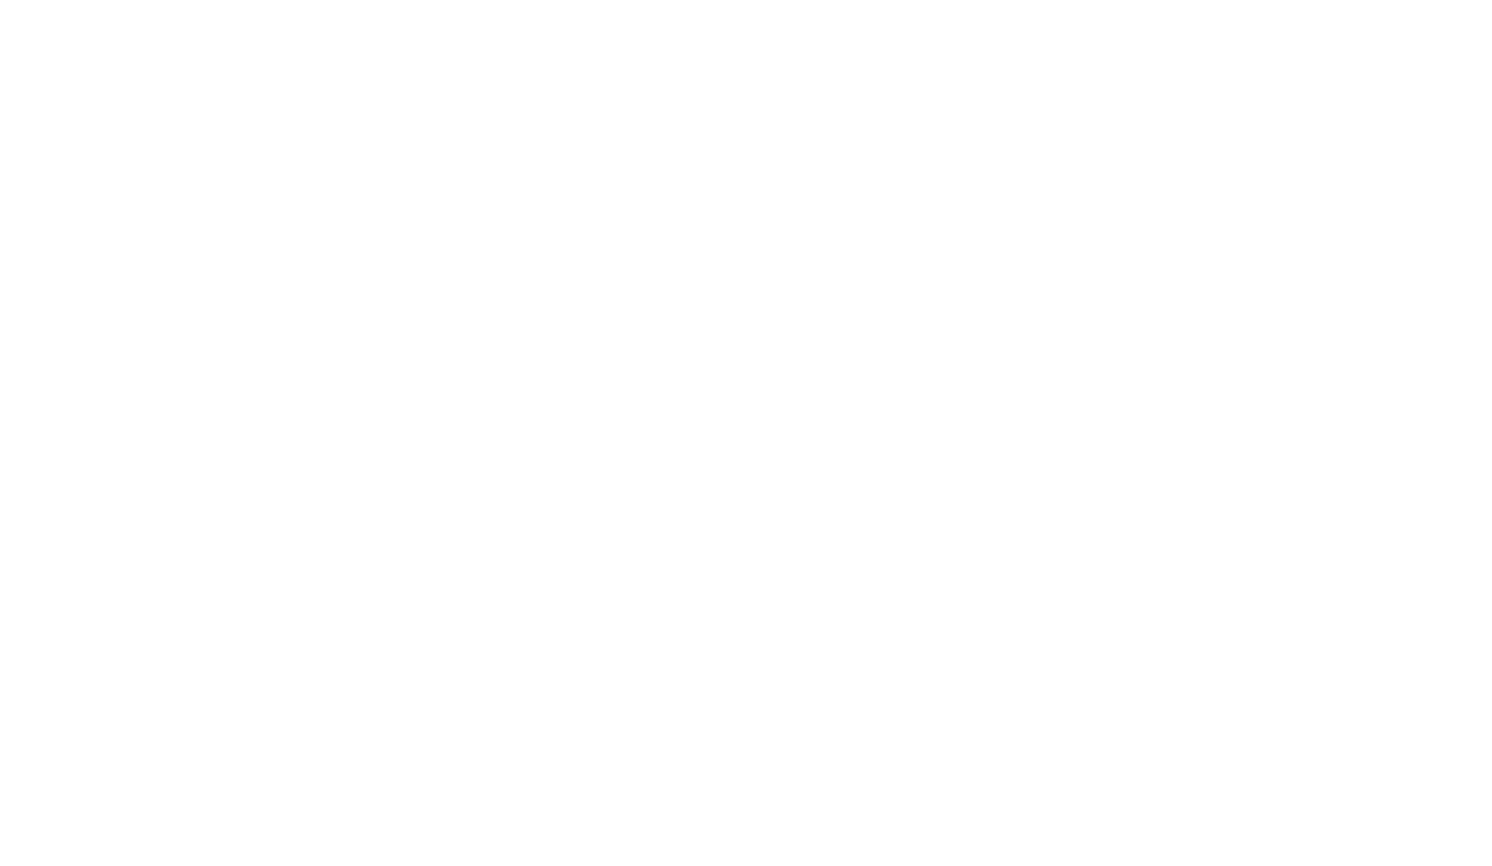  What do you see at coordinates (287, 7) in the screenshot?
I see `'Spotted par Melissa89'` at bounding box center [287, 7].